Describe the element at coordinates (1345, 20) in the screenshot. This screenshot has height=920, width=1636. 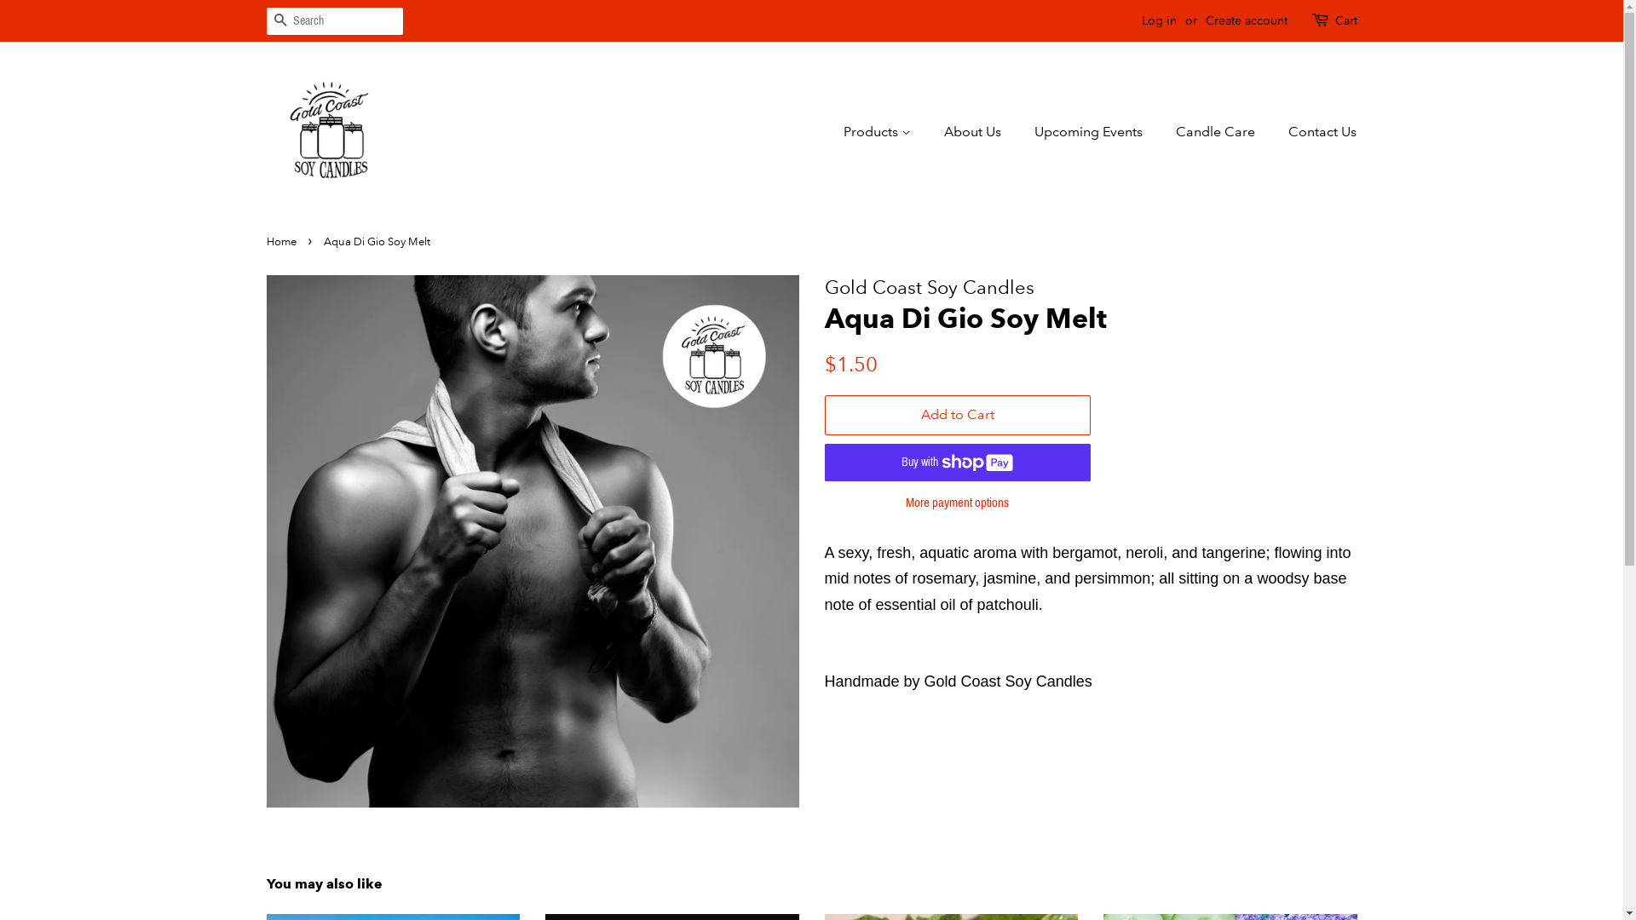
I see `'Cart'` at that location.